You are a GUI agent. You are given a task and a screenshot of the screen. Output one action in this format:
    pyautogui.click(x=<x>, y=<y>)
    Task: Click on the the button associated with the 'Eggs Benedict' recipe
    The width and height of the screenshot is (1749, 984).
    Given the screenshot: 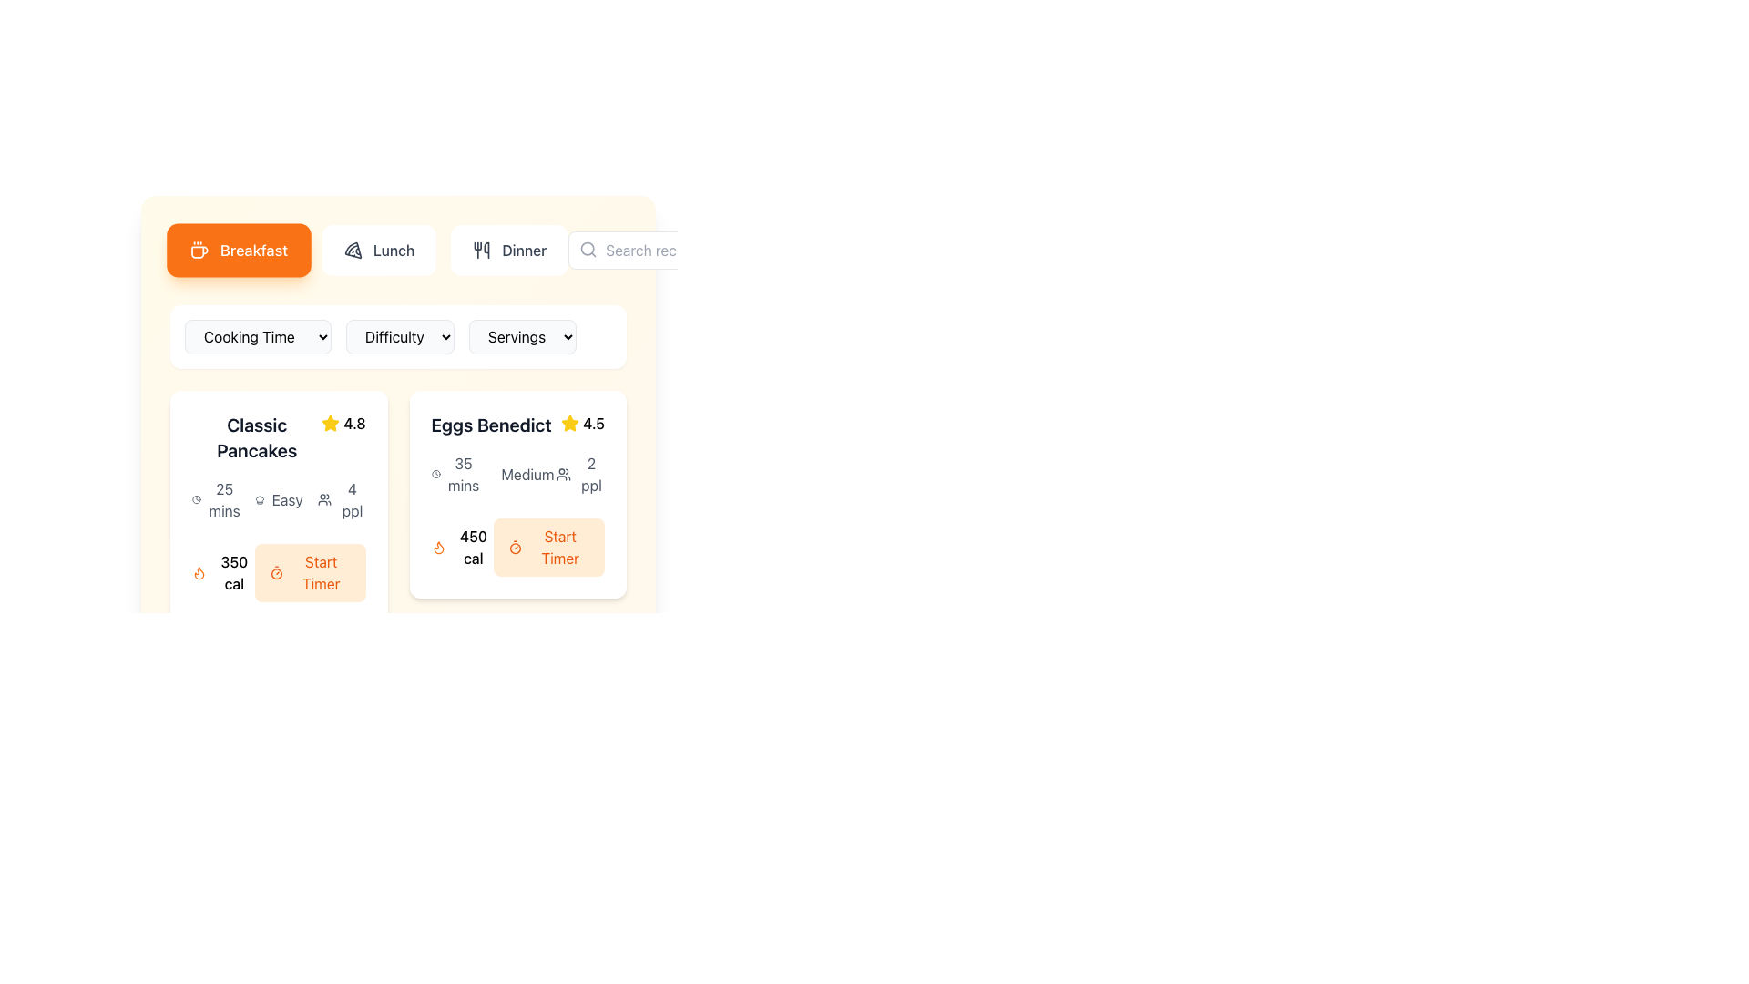 What is the action you would take?
    pyautogui.click(x=559, y=547)
    